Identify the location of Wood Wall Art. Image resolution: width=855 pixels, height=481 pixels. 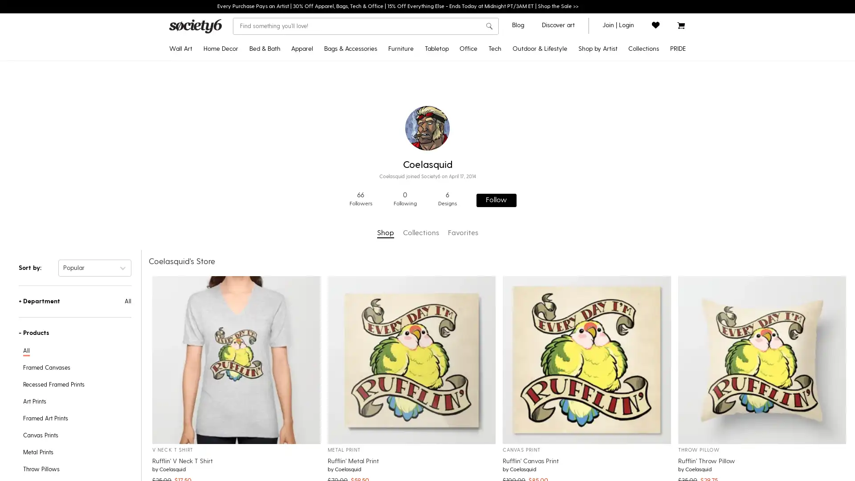
(209, 215).